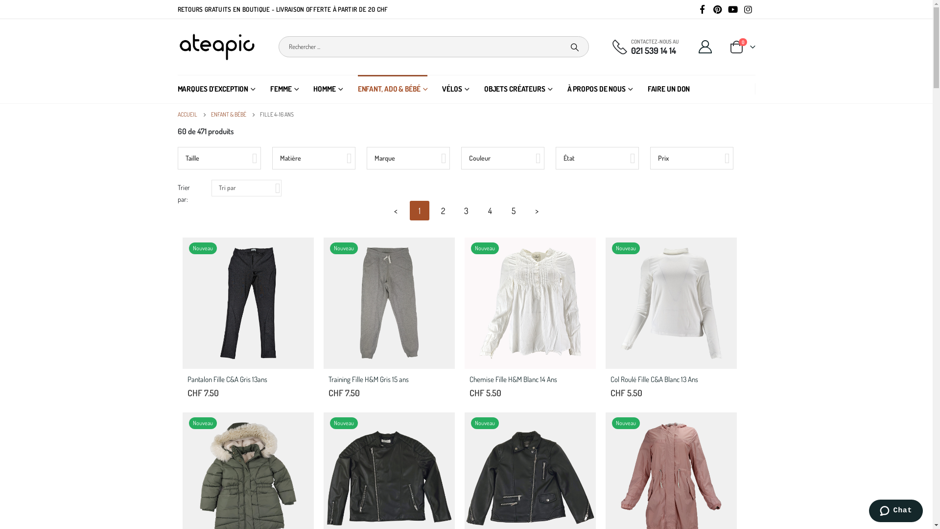  What do you see at coordinates (726, 9) in the screenshot?
I see `'Youtube'` at bounding box center [726, 9].